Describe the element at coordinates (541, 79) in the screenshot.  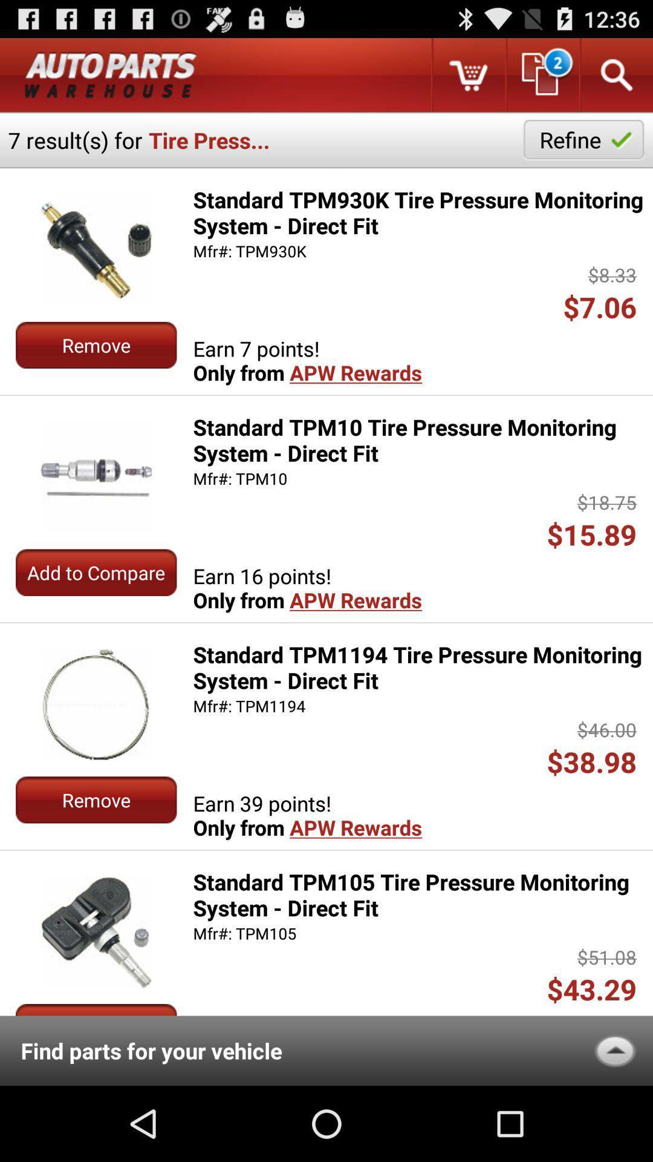
I see `the copy icon` at that location.